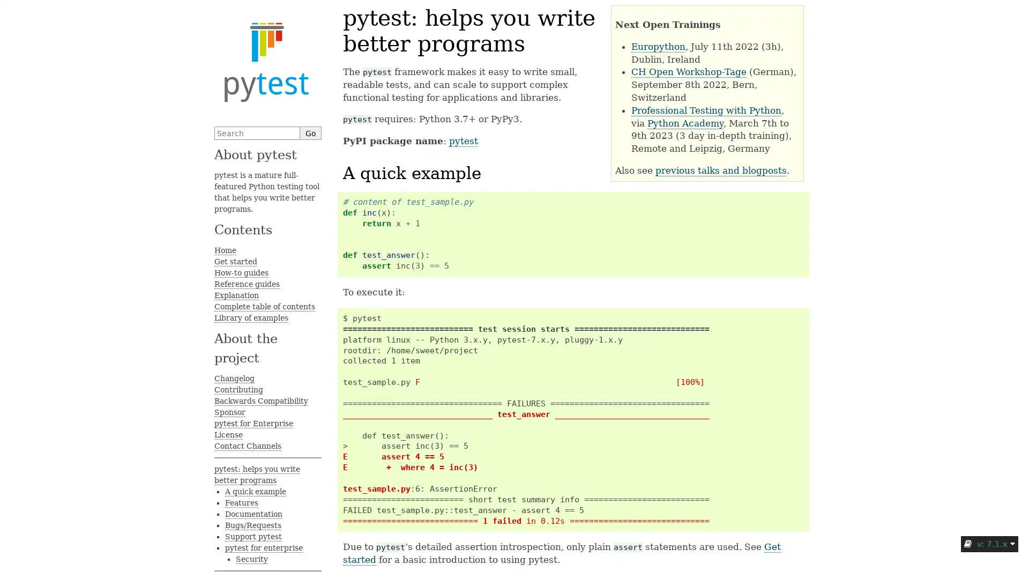 This screenshot has width=1029, height=579. Describe the element at coordinates (310, 132) in the screenshot. I see `Go` at that location.